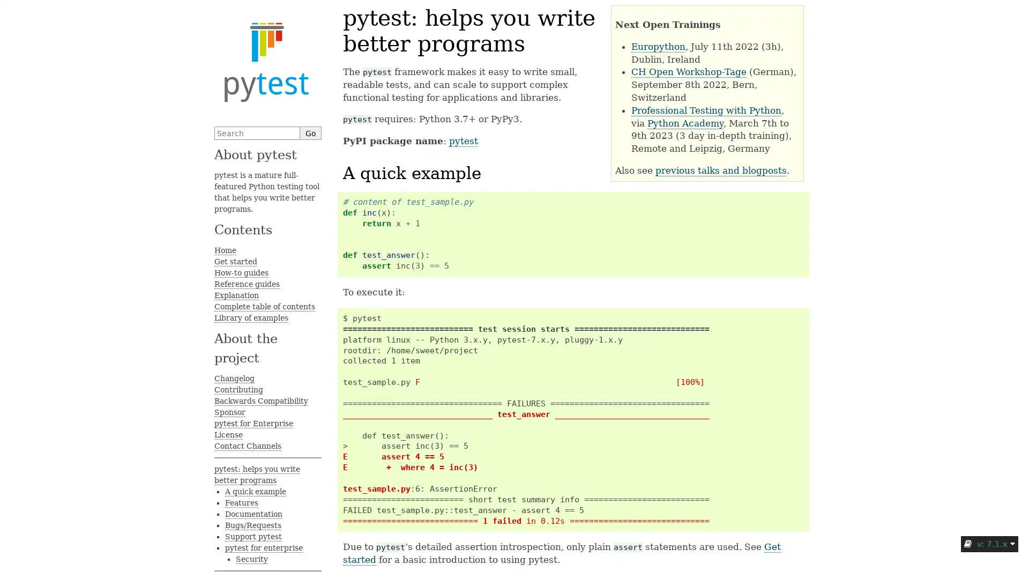 This screenshot has width=1029, height=579. Describe the element at coordinates (310, 132) in the screenshot. I see `Go` at that location.